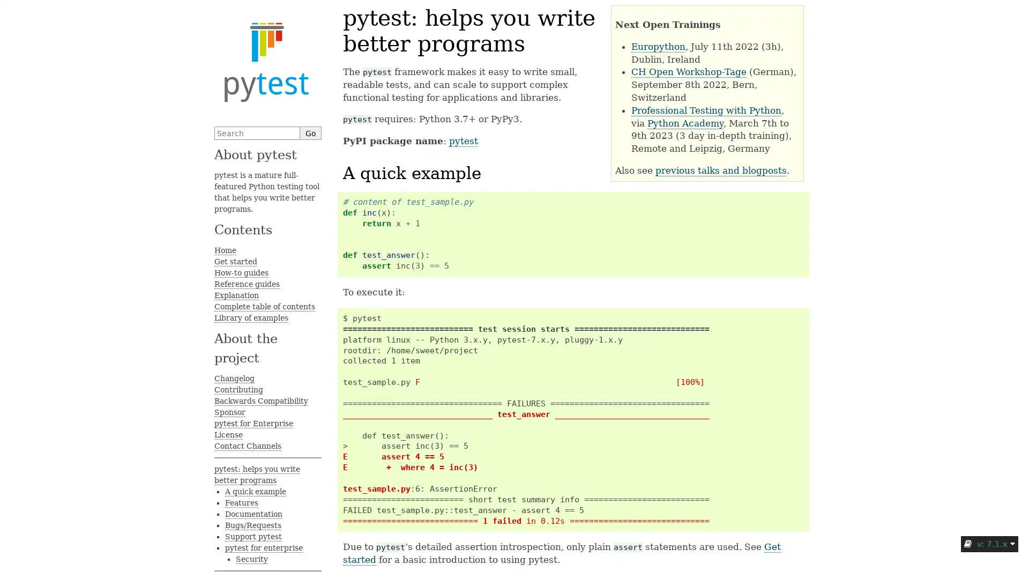 This screenshot has width=1029, height=579. Describe the element at coordinates (310, 132) in the screenshot. I see `Go` at that location.